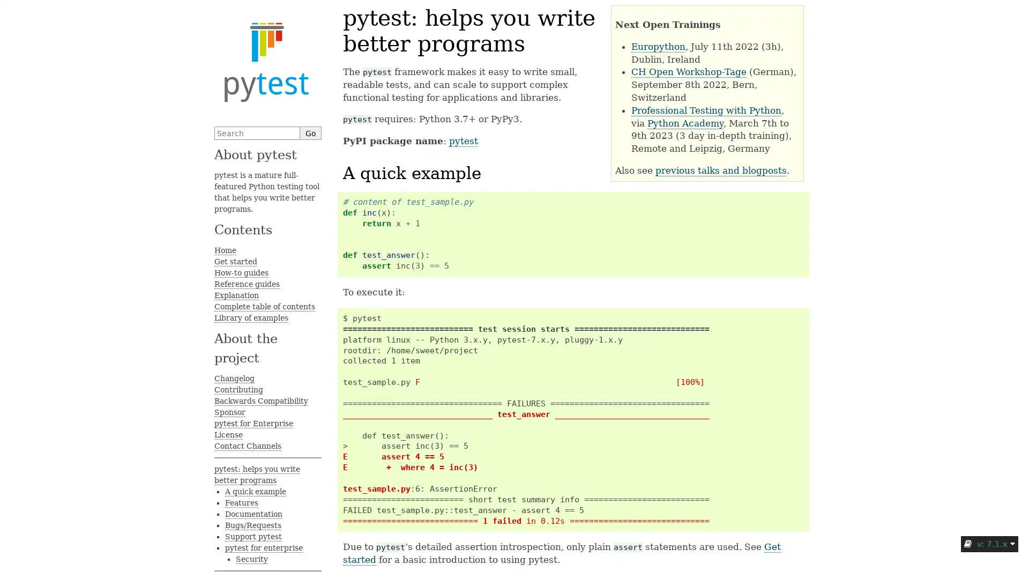 This screenshot has width=1029, height=579. Describe the element at coordinates (310, 132) in the screenshot. I see `Go` at that location.